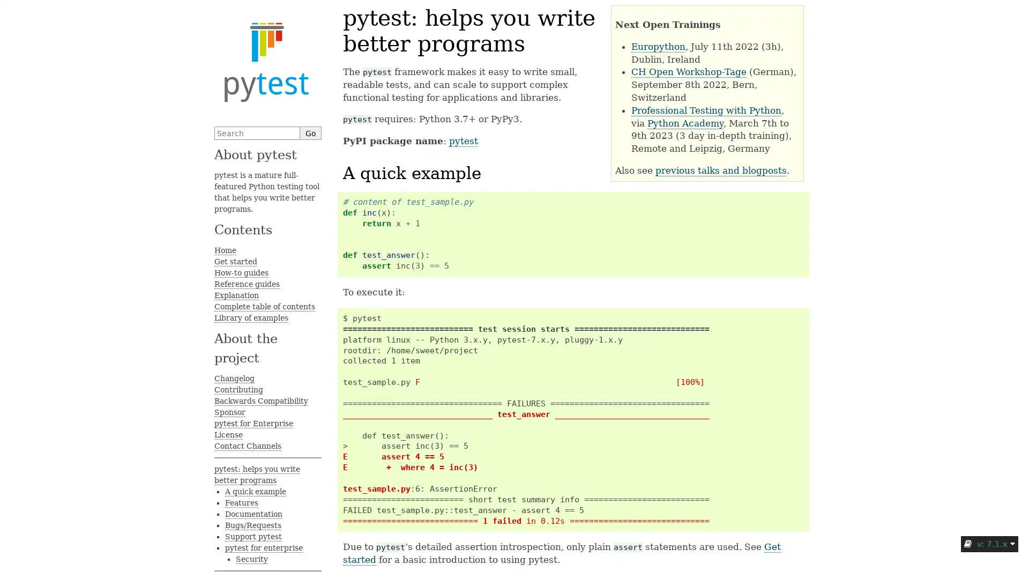 This screenshot has width=1029, height=579. Describe the element at coordinates (310, 132) in the screenshot. I see `Go` at that location.